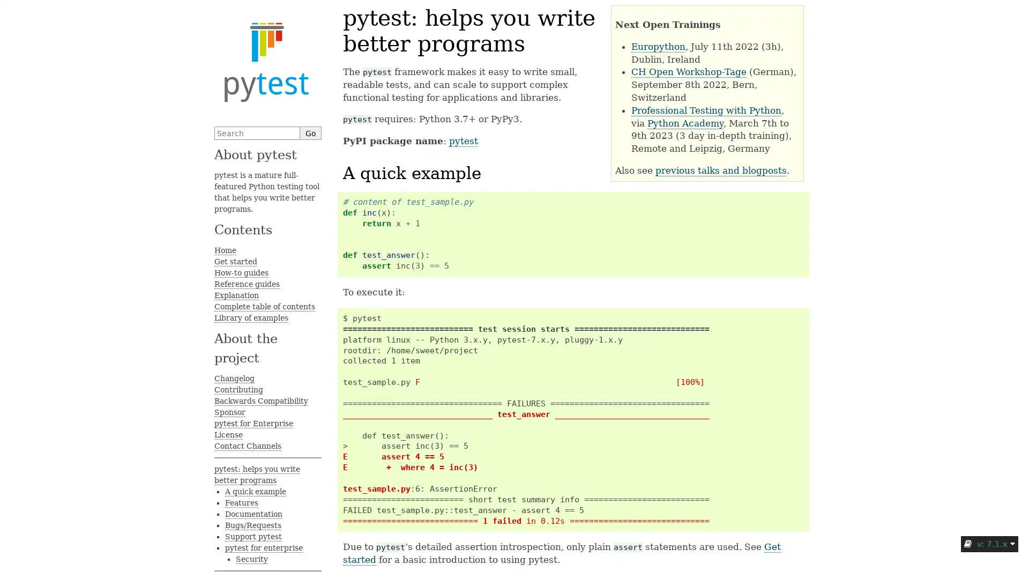 This screenshot has width=1029, height=579. Describe the element at coordinates (310, 132) in the screenshot. I see `Go` at that location.